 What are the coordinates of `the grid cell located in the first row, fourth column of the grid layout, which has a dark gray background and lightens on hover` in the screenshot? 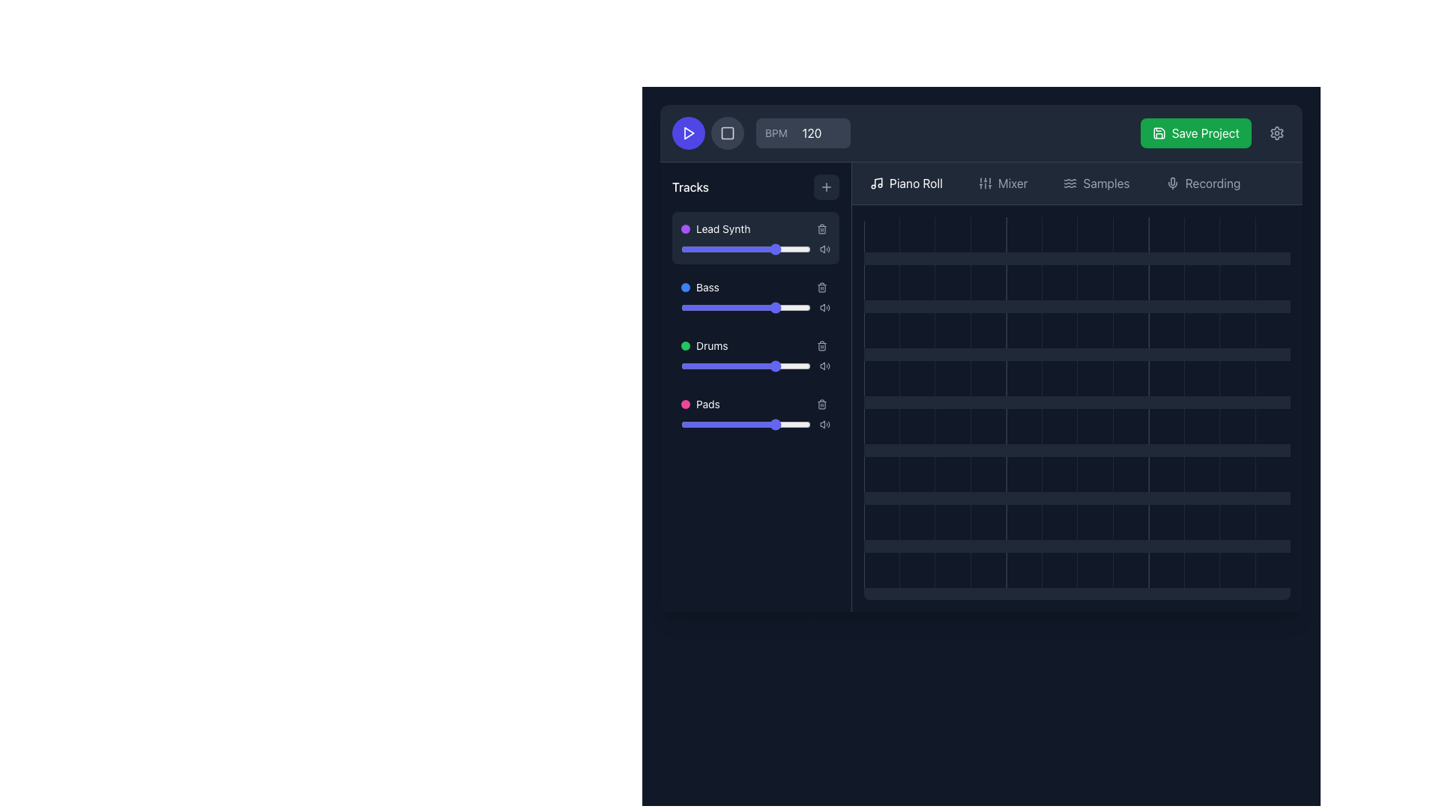 It's located at (988, 234).